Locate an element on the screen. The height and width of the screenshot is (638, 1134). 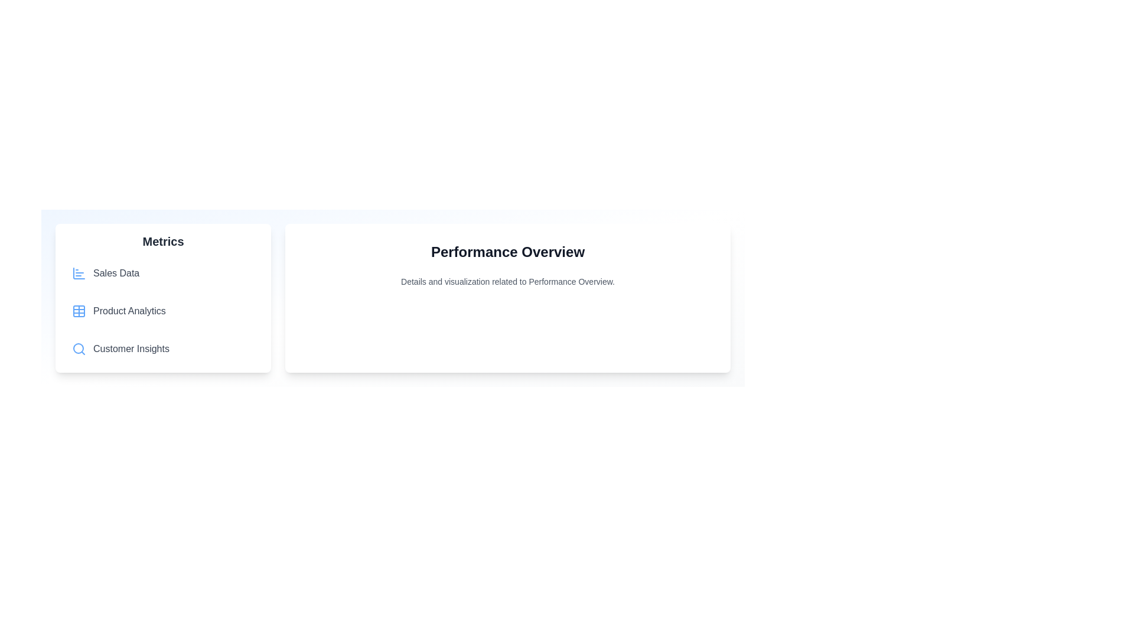
the list item labeled 'Customer Insights' which includes a blue magnifying glass icon, positioned as the third item in the vertical list under 'Metrics' is located at coordinates (162, 348).